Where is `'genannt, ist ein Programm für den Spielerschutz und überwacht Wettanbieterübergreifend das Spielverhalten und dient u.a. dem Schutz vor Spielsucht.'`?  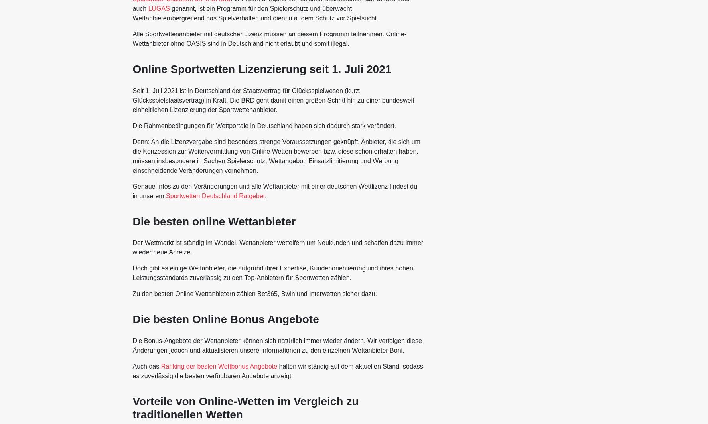 'genannt, ist ein Programm für den Spielerschutz und überwacht Wettanbieterübergreifend das Spielverhalten und dient u.a. dem Schutz vor Spielsucht.' is located at coordinates (255, 13).